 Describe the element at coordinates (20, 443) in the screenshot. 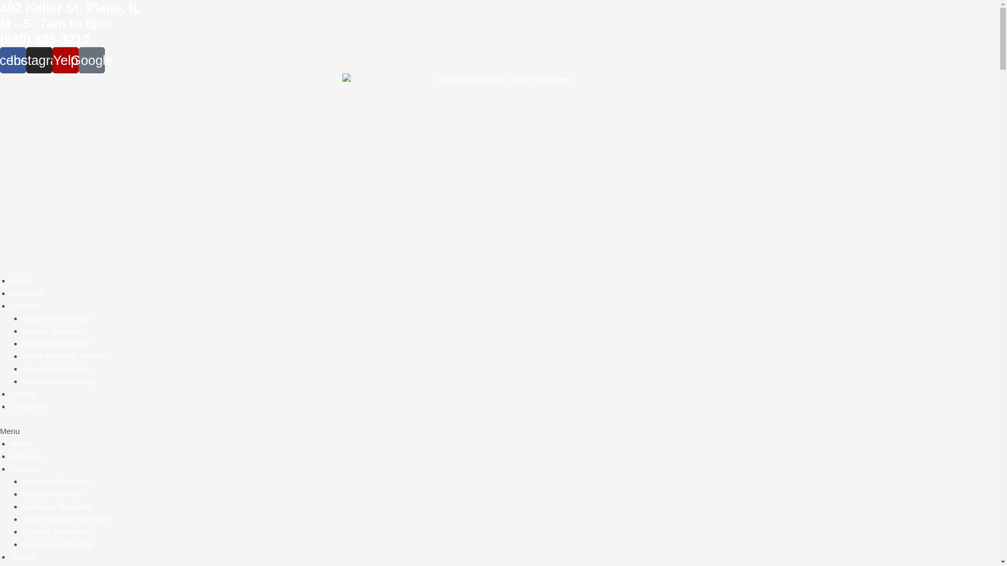

I see `'Home'` at that location.